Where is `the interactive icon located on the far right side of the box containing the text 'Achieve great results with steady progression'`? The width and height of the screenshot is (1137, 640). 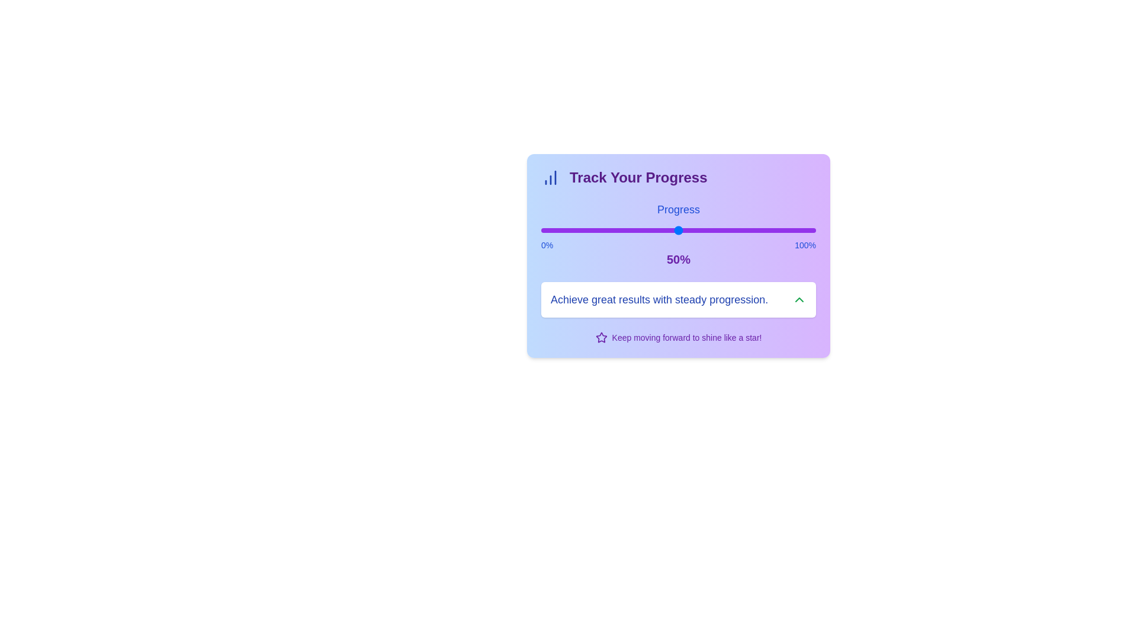
the interactive icon located on the far right side of the box containing the text 'Achieve great results with steady progression' is located at coordinates (799, 299).